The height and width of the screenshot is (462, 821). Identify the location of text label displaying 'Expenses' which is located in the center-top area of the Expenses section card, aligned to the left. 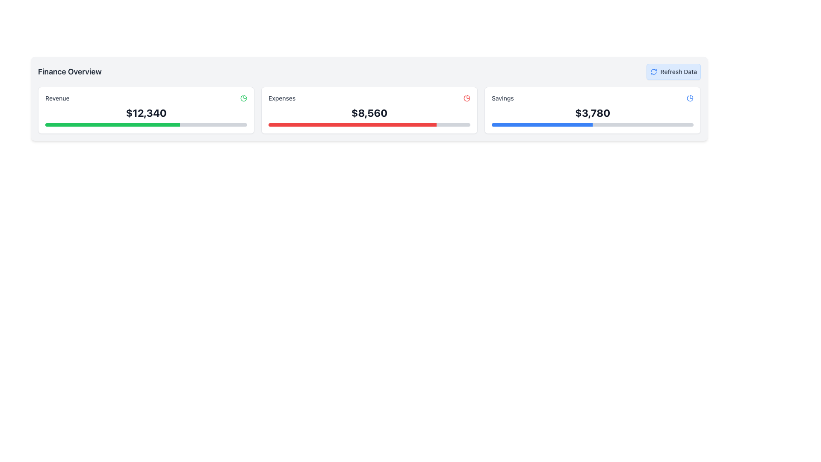
(282, 98).